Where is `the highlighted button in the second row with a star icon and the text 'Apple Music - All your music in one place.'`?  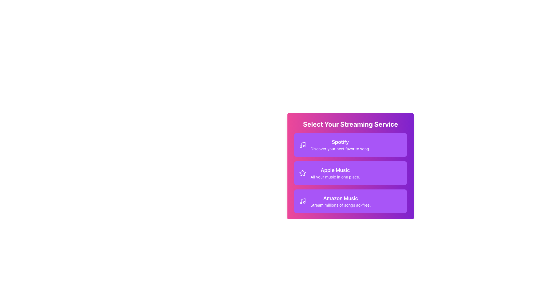 the highlighted button in the second row with a star icon and the text 'Apple Music - All your music in one place.' is located at coordinates (350, 163).